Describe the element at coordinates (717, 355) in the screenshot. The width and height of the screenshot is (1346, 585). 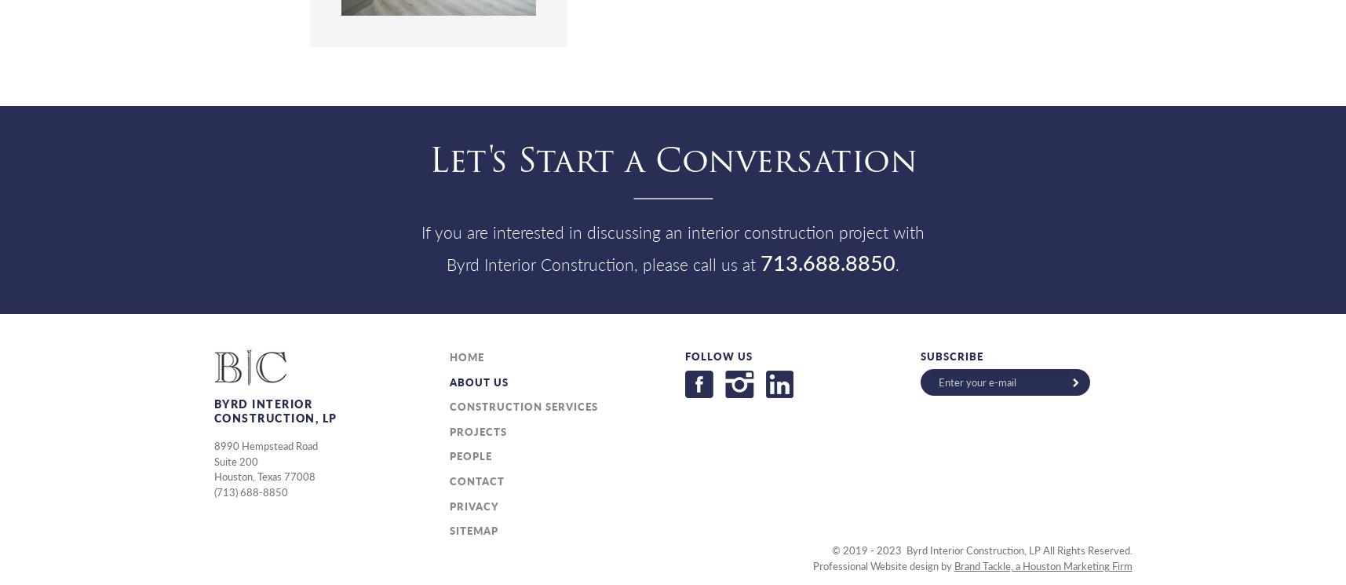
I see `'Follow Us'` at that location.